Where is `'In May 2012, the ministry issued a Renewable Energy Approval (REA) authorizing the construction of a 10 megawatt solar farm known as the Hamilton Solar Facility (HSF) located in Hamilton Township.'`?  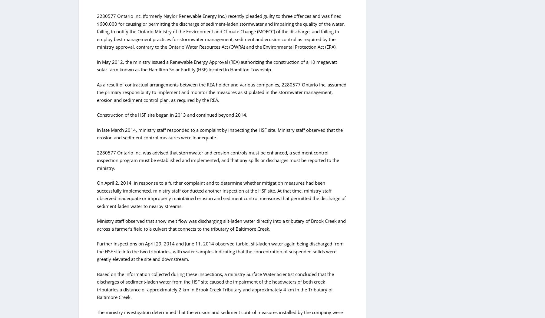 'In May 2012, the ministry issued a Renewable Energy Approval (REA) authorizing the construction of a 10 megawatt solar farm known as the Hamilton Solar Facility (HSF) located in Hamilton Township.' is located at coordinates (216, 66).